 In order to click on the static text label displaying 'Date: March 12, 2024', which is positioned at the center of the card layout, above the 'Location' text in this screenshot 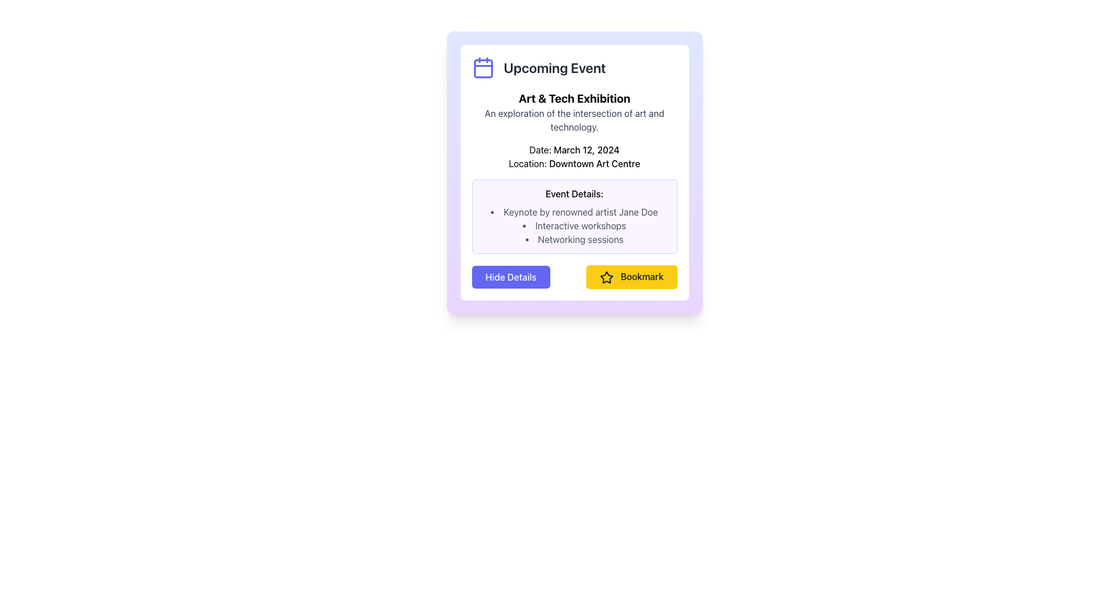, I will do `click(574, 149)`.